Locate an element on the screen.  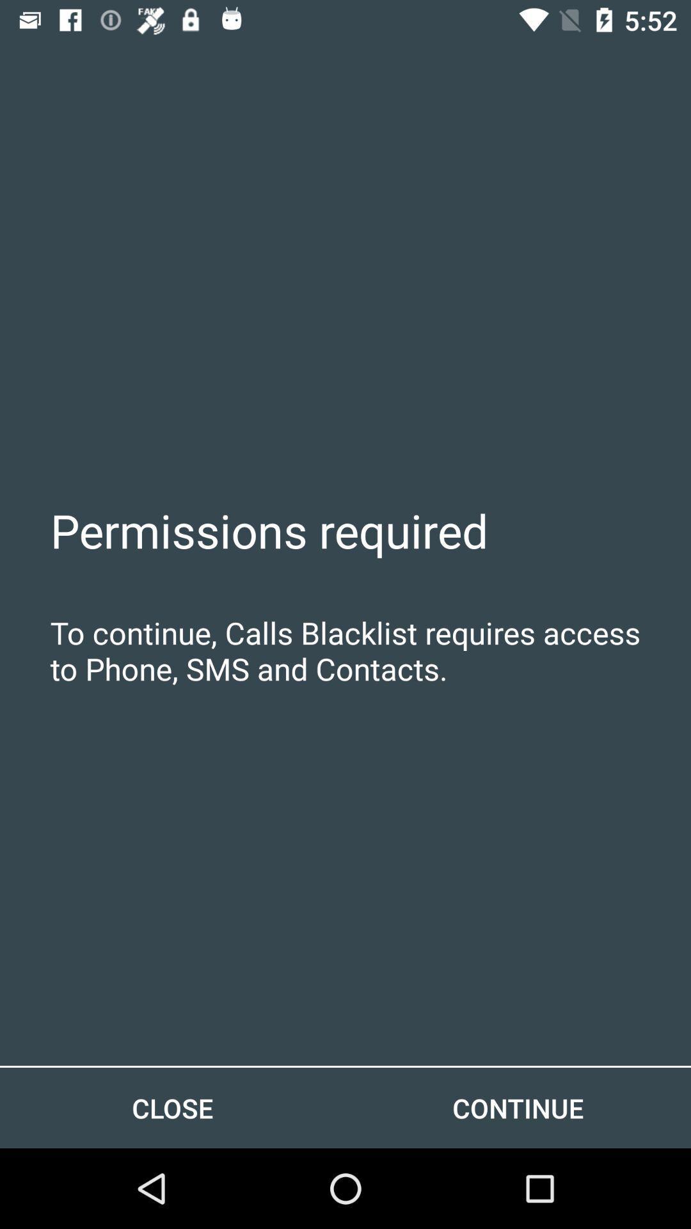
the item next to continue item is located at coordinates (173, 1107).